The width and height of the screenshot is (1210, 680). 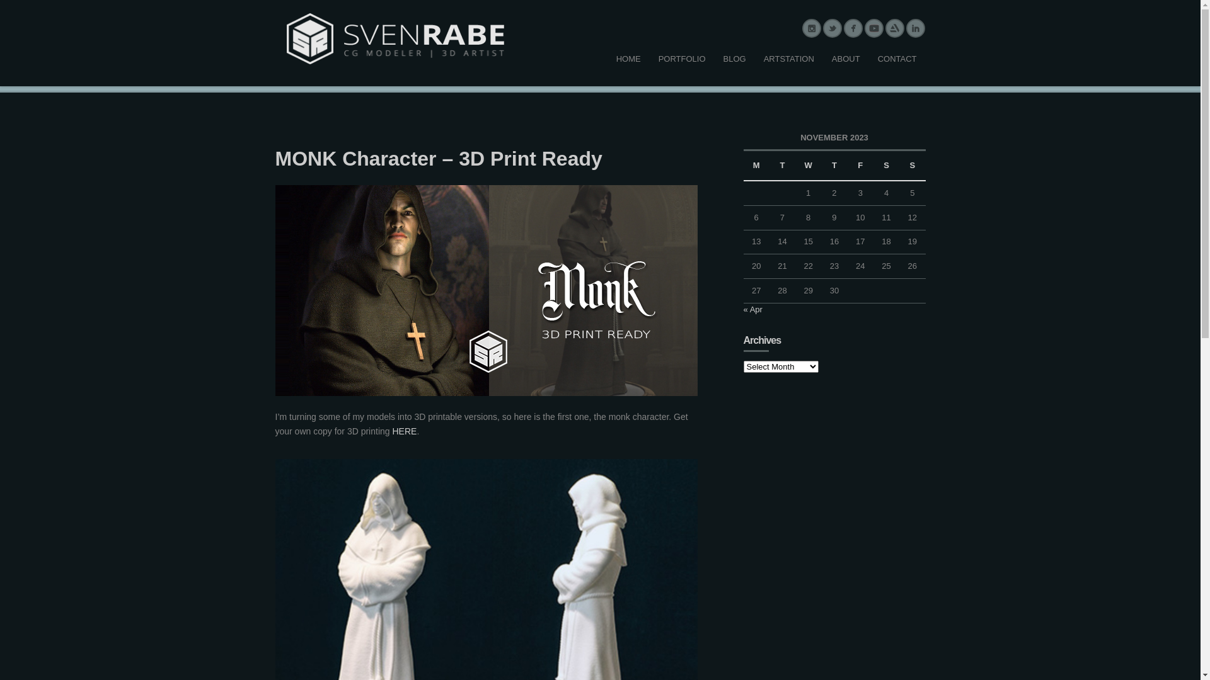 I want to click on 'PORTFOLIO', so click(x=681, y=59).